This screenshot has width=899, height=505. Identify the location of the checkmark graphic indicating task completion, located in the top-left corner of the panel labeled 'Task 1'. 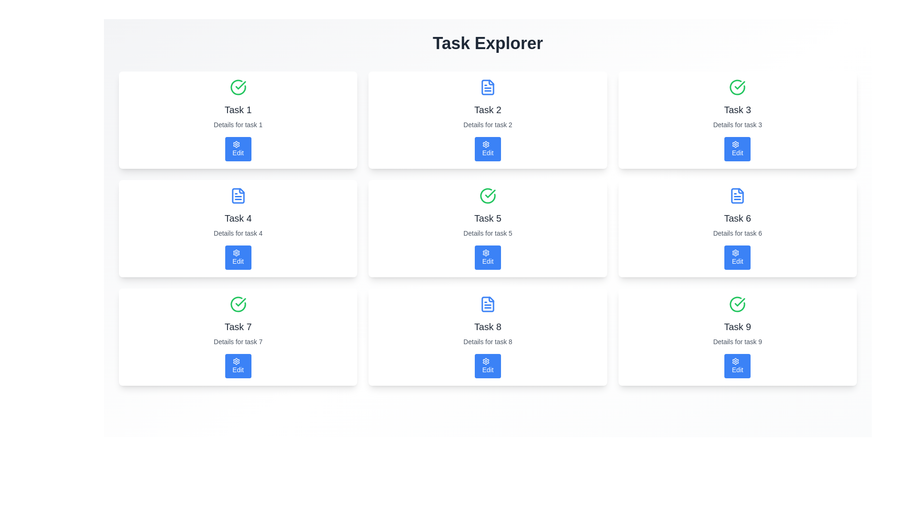
(240, 302).